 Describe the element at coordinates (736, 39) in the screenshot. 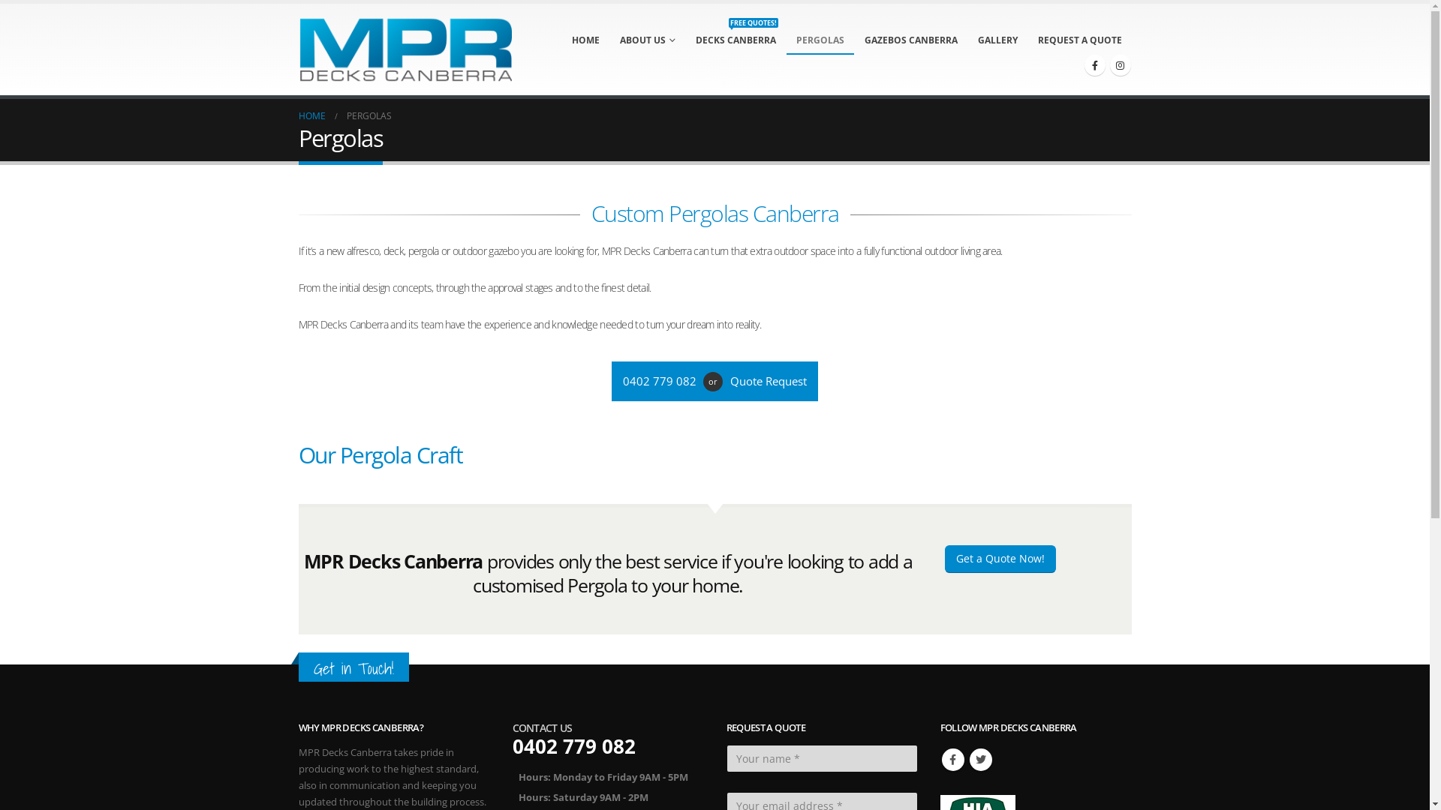

I see `'DECKS CANBERRA` at that location.